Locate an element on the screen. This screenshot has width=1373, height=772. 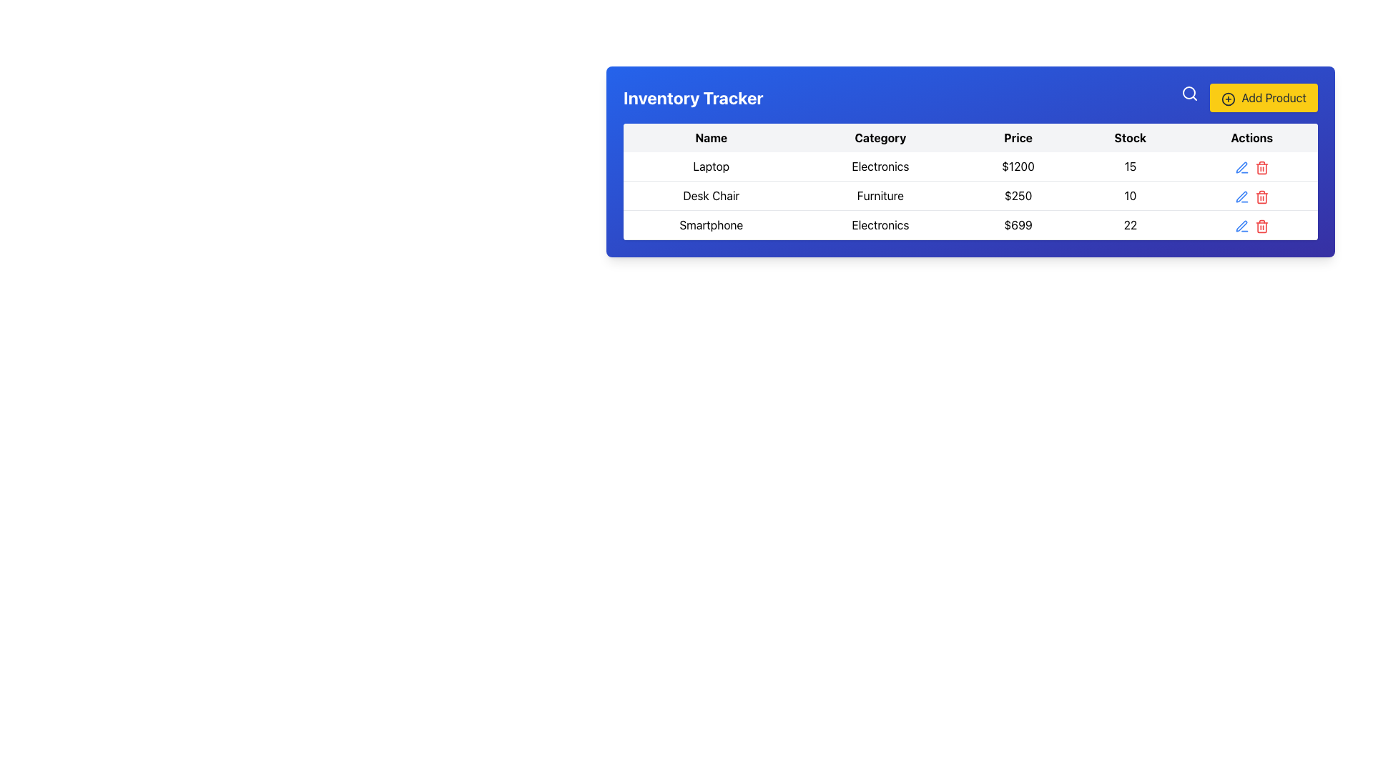
the text label indicating the categories column, which is the second column header situated between 'Name' and 'Price' is located at coordinates (880, 137).